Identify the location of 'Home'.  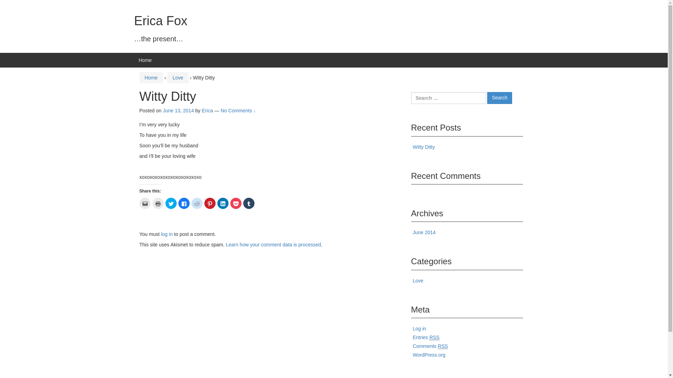
(150, 78).